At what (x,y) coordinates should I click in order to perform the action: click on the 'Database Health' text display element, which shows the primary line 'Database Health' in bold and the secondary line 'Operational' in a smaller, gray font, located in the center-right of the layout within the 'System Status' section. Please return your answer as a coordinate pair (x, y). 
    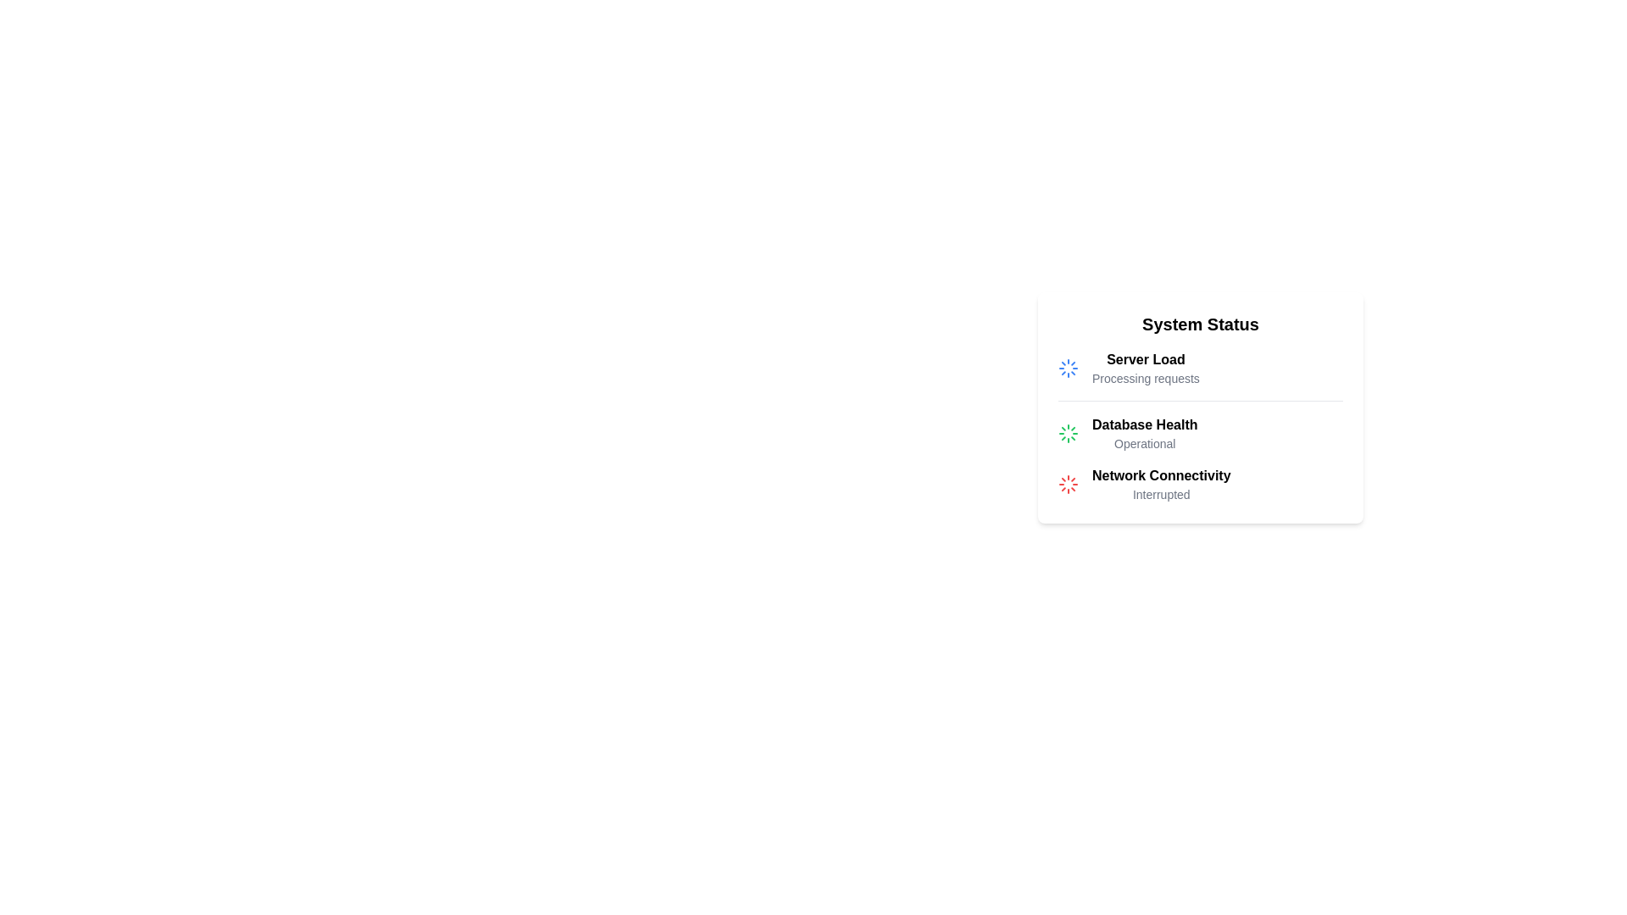
    Looking at the image, I should click on (1145, 433).